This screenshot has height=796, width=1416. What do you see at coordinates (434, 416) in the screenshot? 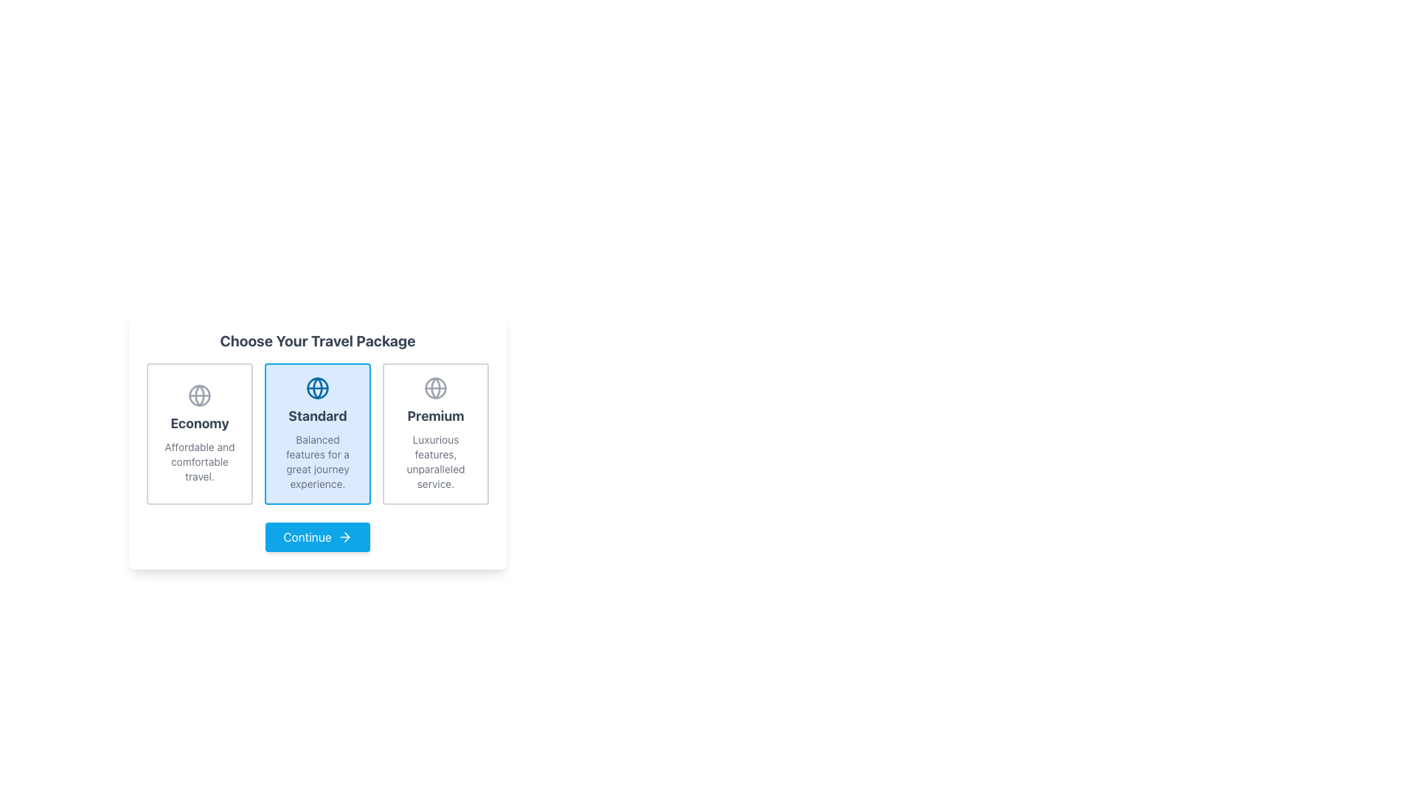
I see `the text label indicating the 'Premium' card title, which is the rightmost card in the group under 'Choose Your Travel Package'` at bounding box center [434, 416].